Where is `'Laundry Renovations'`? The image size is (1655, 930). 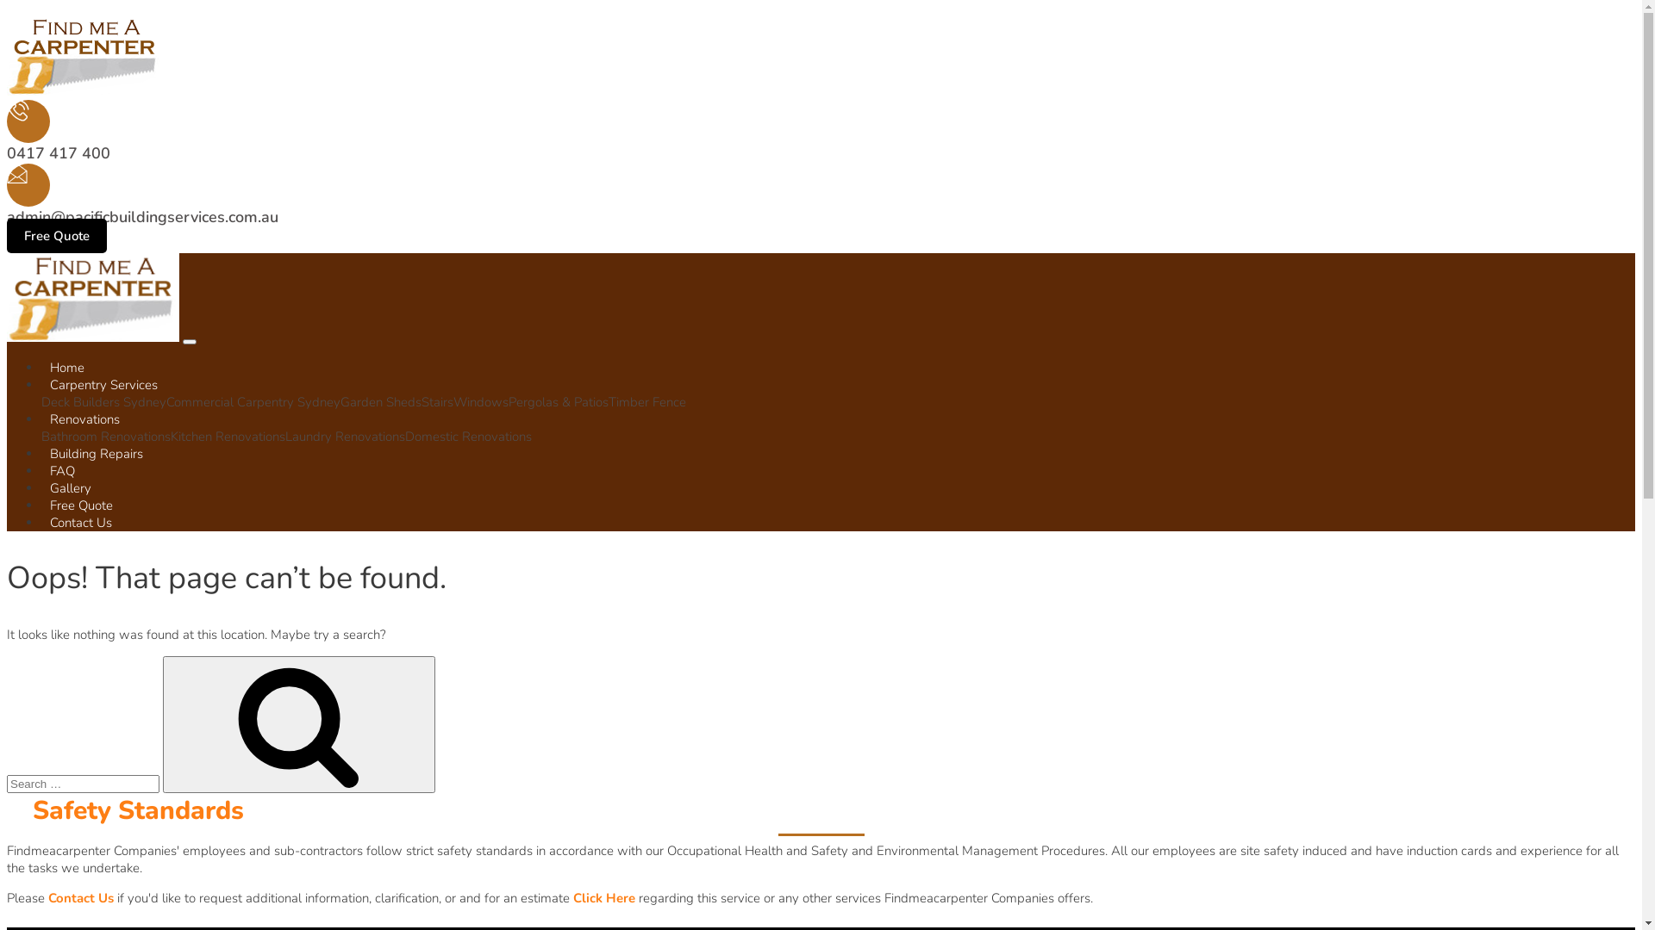 'Laundry Renovations' is located at coordinates (285, 435).